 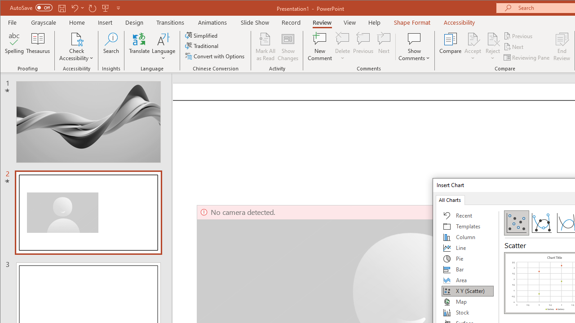 What do you see at coordinates (467, 279) in the screenshot?
I see `'Area'` at bounding box center [467, 279].